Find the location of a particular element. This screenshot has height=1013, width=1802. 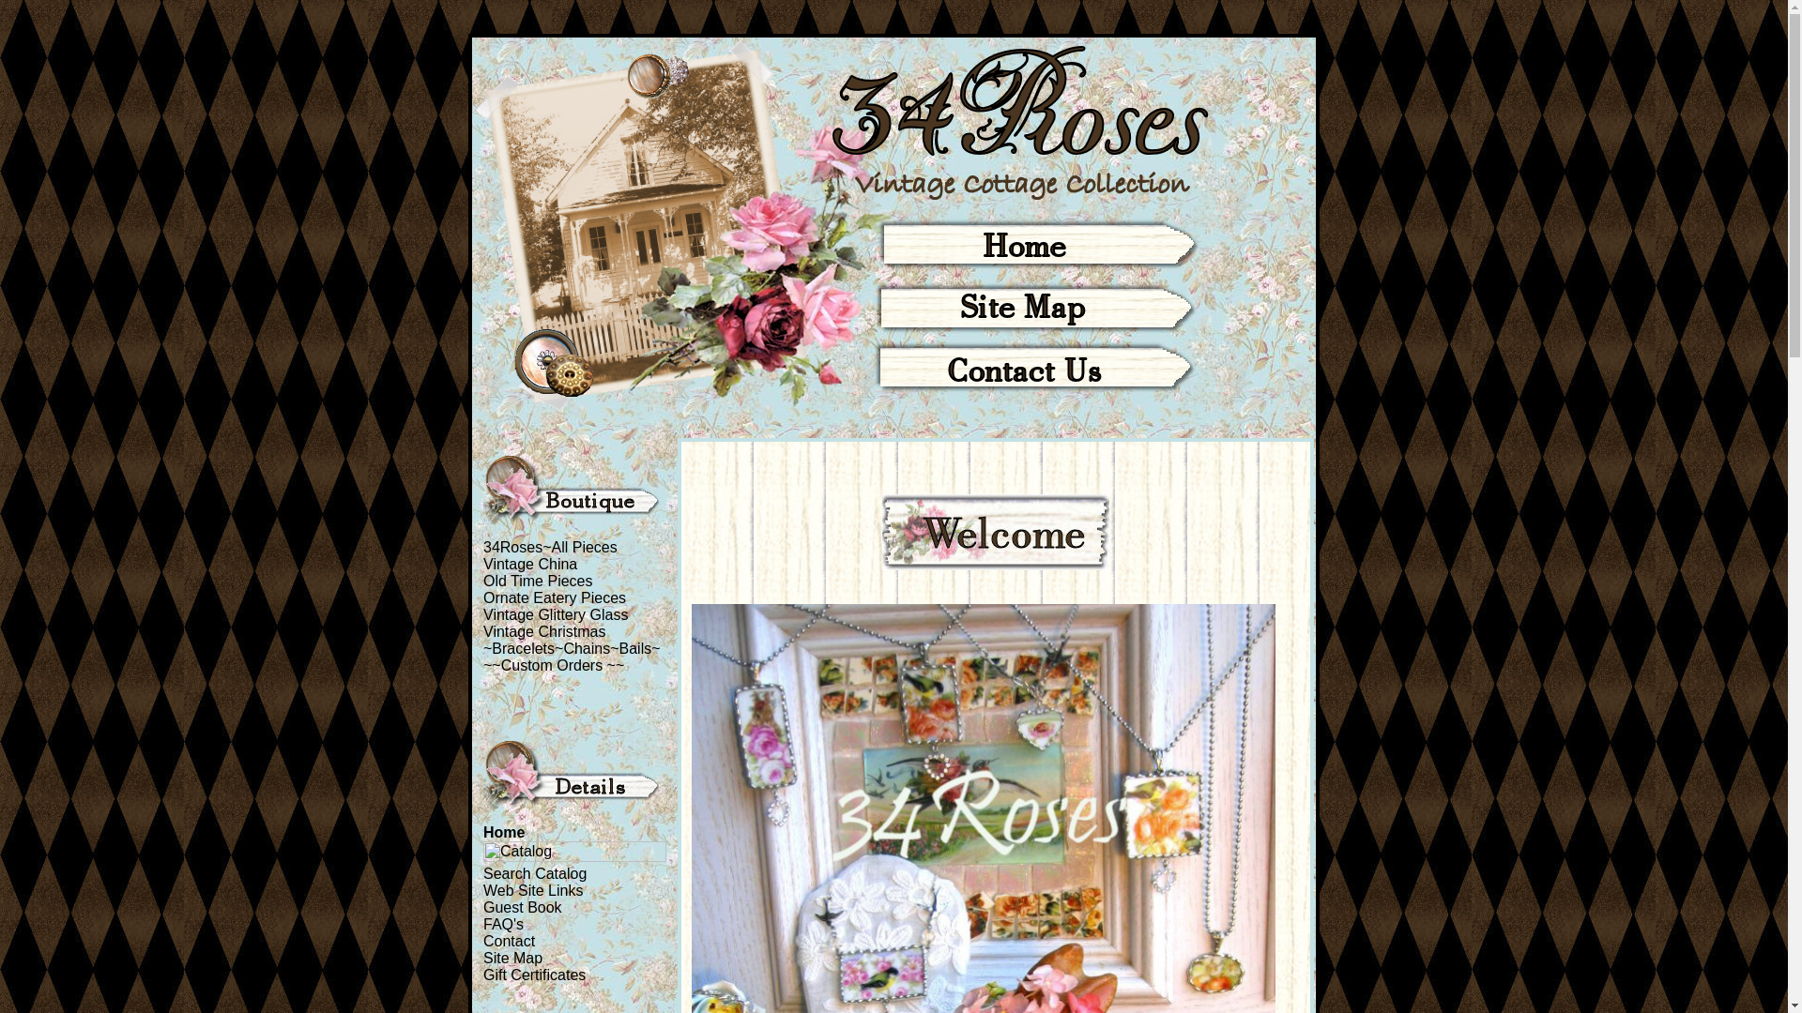

'Gift Certificates' is located at coordinates (482, 974).